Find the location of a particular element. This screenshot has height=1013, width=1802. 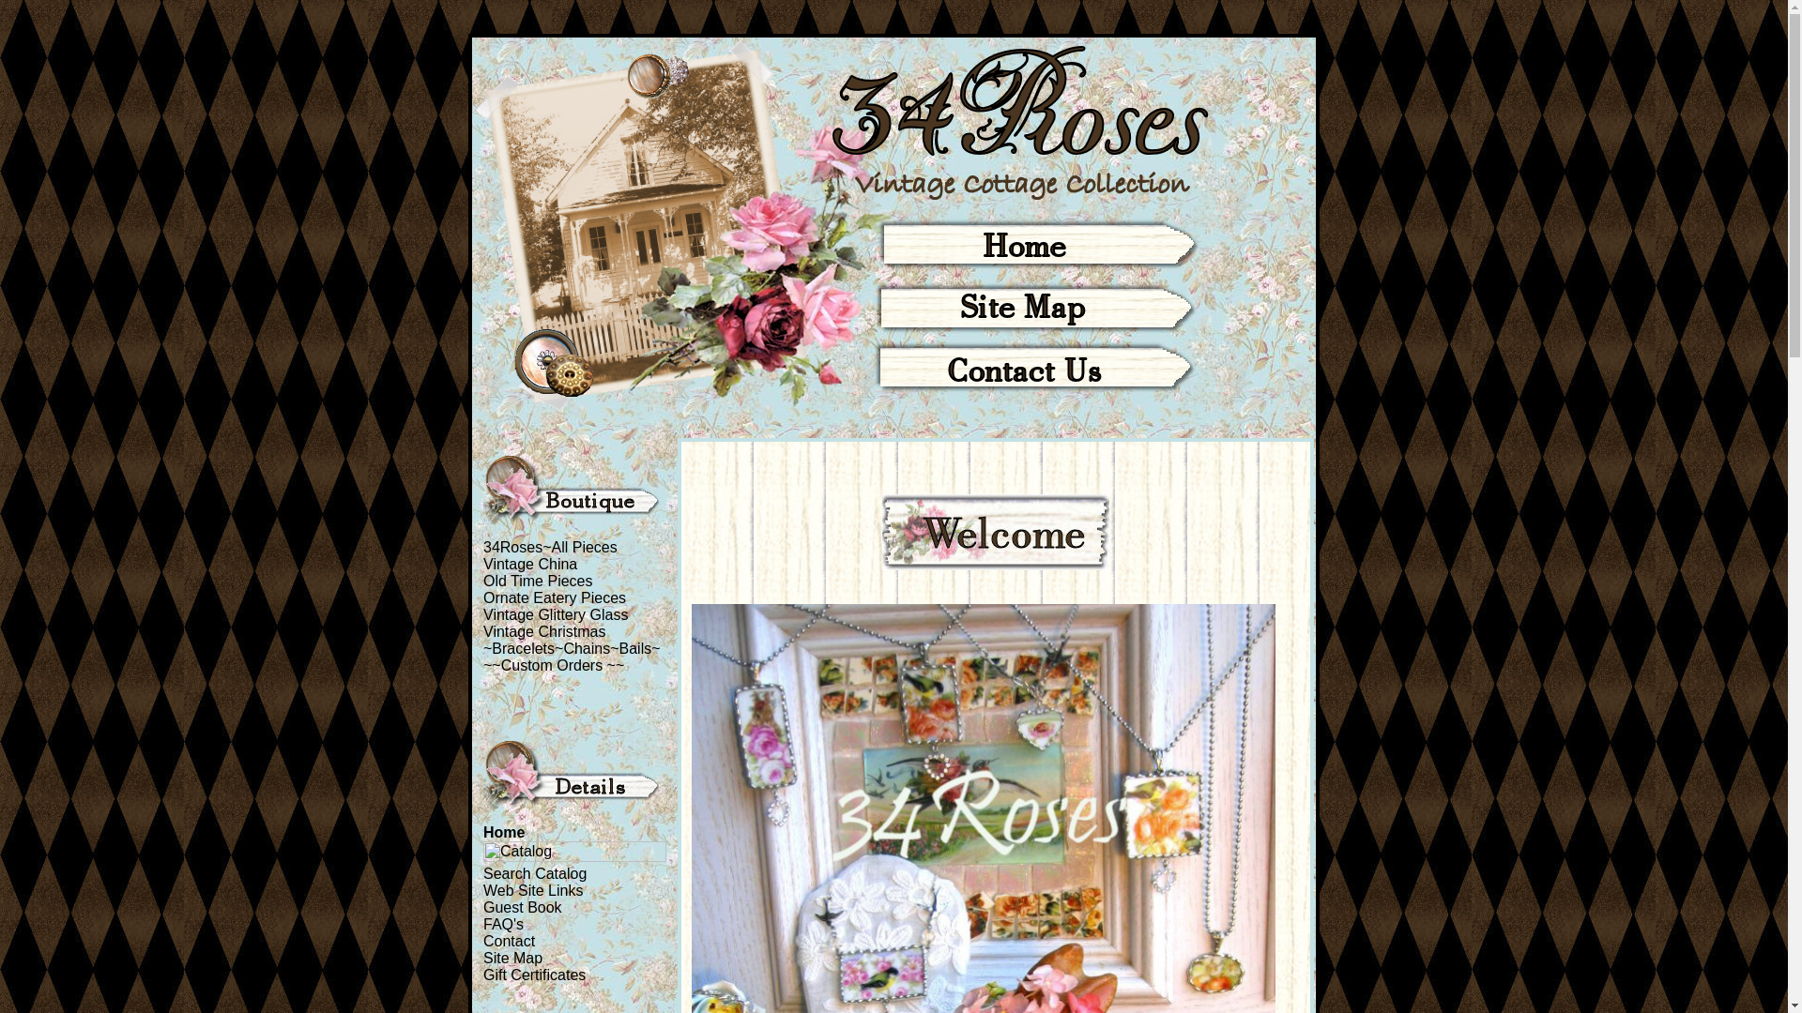

'Gift Certificates' is located at coordinates (482, 974).